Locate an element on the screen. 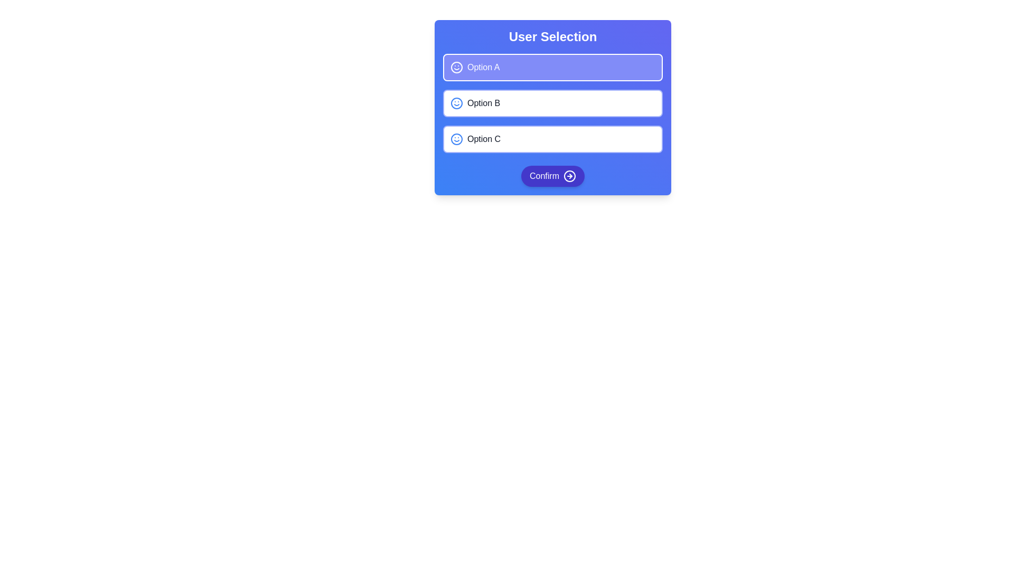  the decorative circle component of the smiling face icon, which is part of the third option labeled 'Option C' in the list is located at coordinates (456, 138).